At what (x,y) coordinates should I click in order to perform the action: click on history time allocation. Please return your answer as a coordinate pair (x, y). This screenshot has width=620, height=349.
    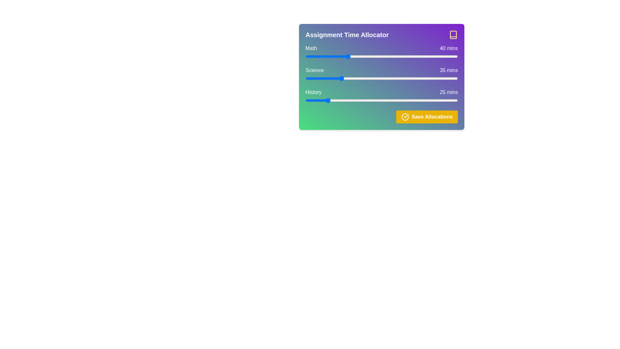
    Looking at the image, I should click on (311, 100).